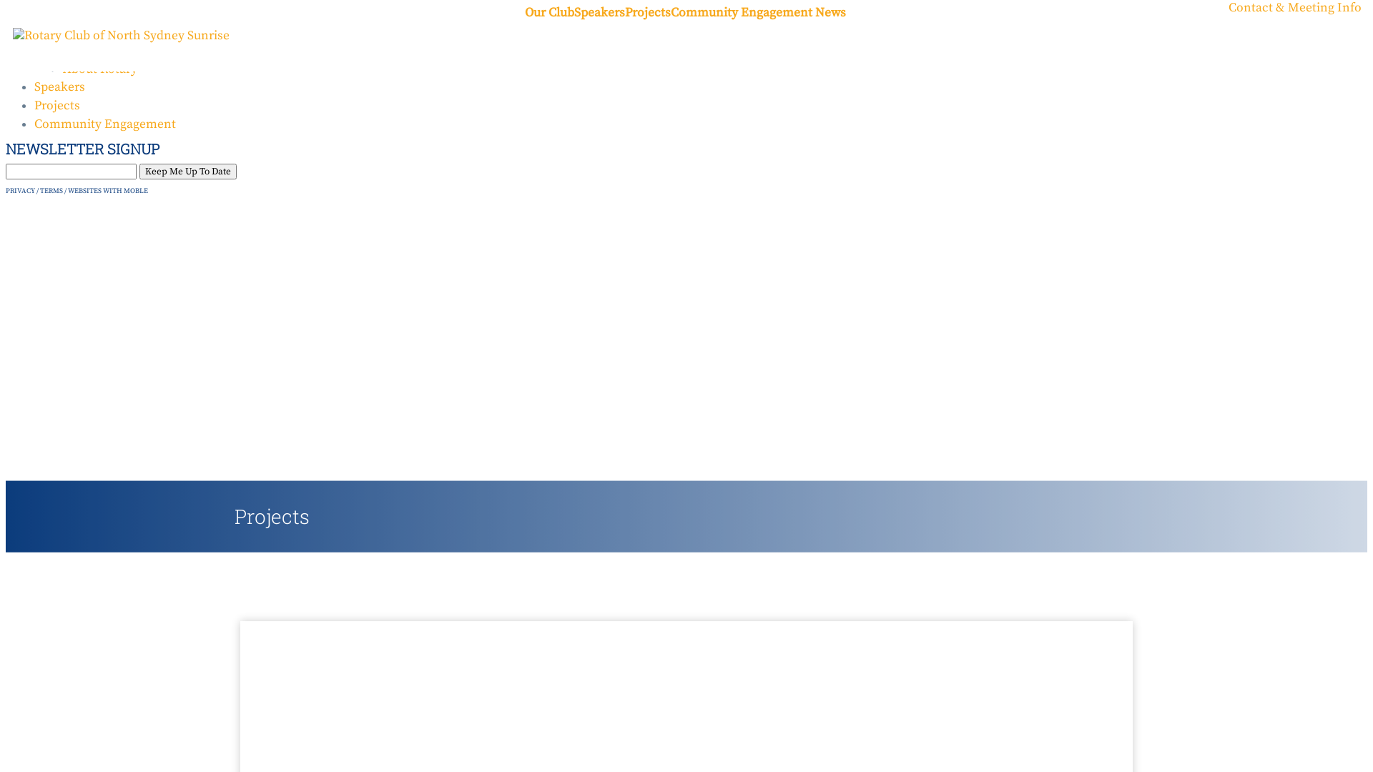  I want to click on 'Speakers', so click(34, 87).